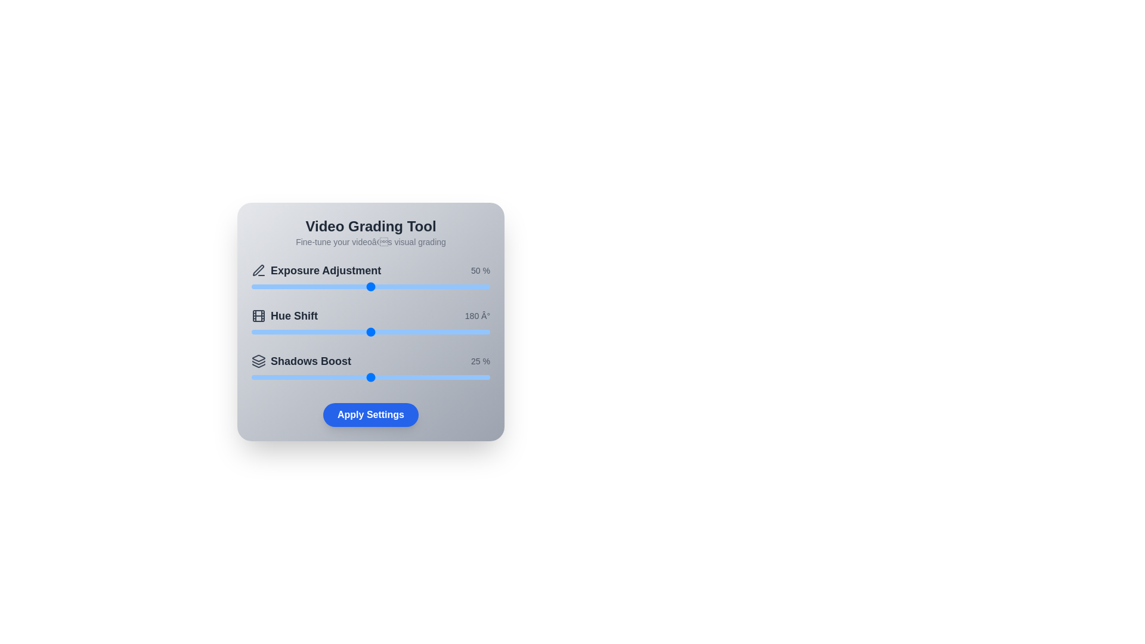 This screenshot has height=644, width=1145. What do you see at coordinates (370, 414) in the screenshot?
I see `the prominent blue button labeled 'Apply Settings'` at bounding box center [370, 414].